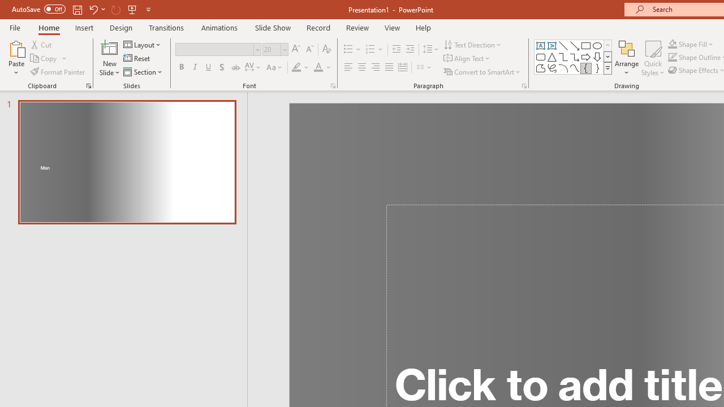 This screenshot has width=724, height=407. I want to click on 'Align Left', so click(348, 67).